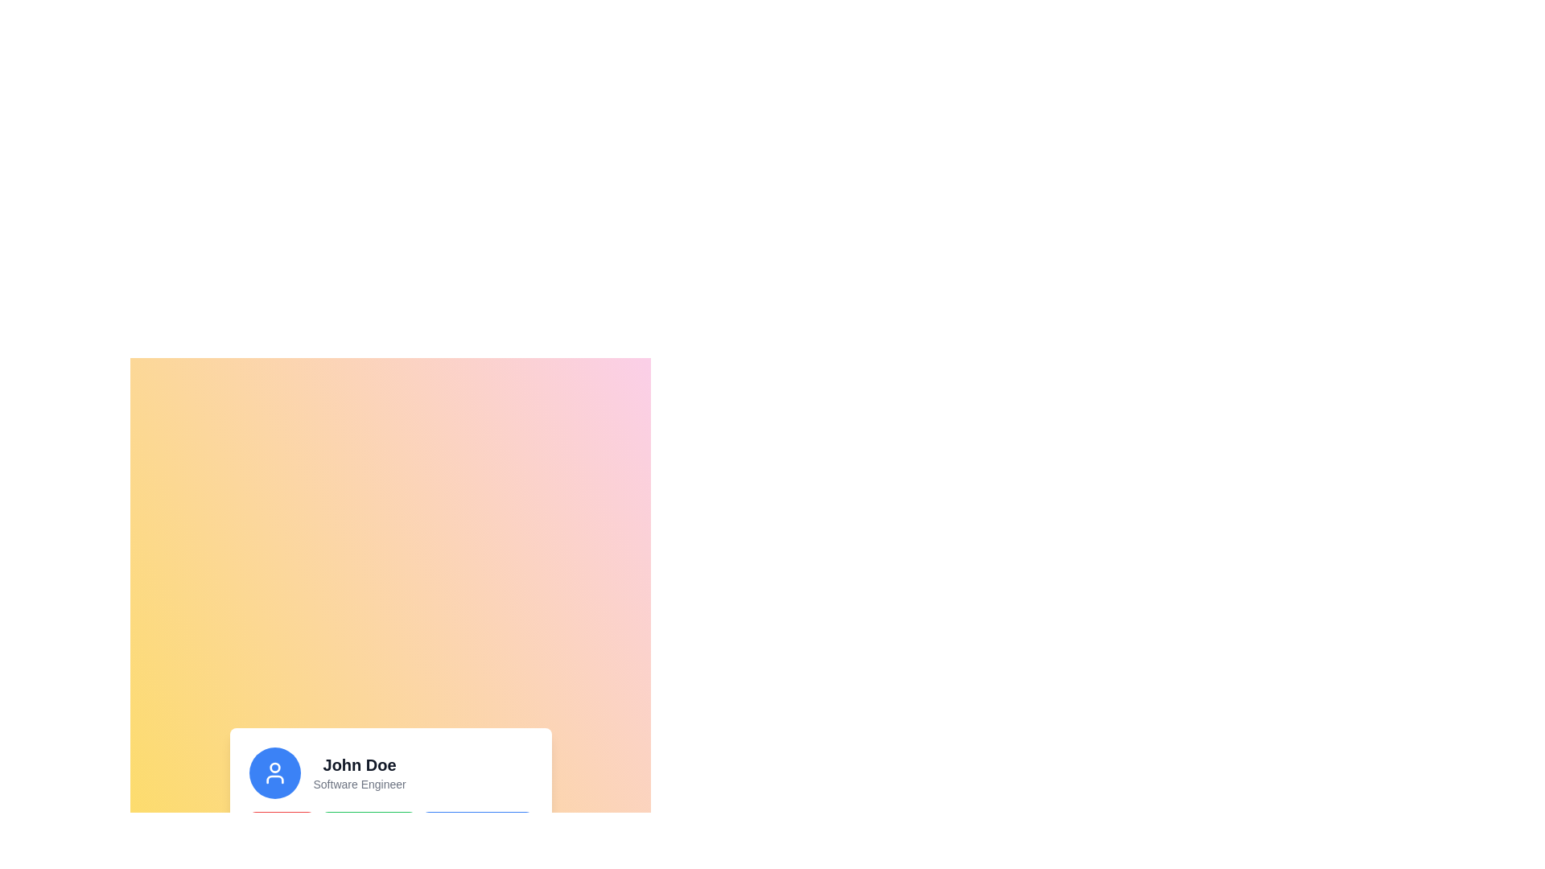 The width and height of the screenshot is (1545, 869). Describe the element at coordinates (359, 764) in the screenshot. I see `the text label displaying 'John Doe', which is a bold, large font on a white background, positioned above 'Software Engineer' and to the right of a circular blue icon` at that location.